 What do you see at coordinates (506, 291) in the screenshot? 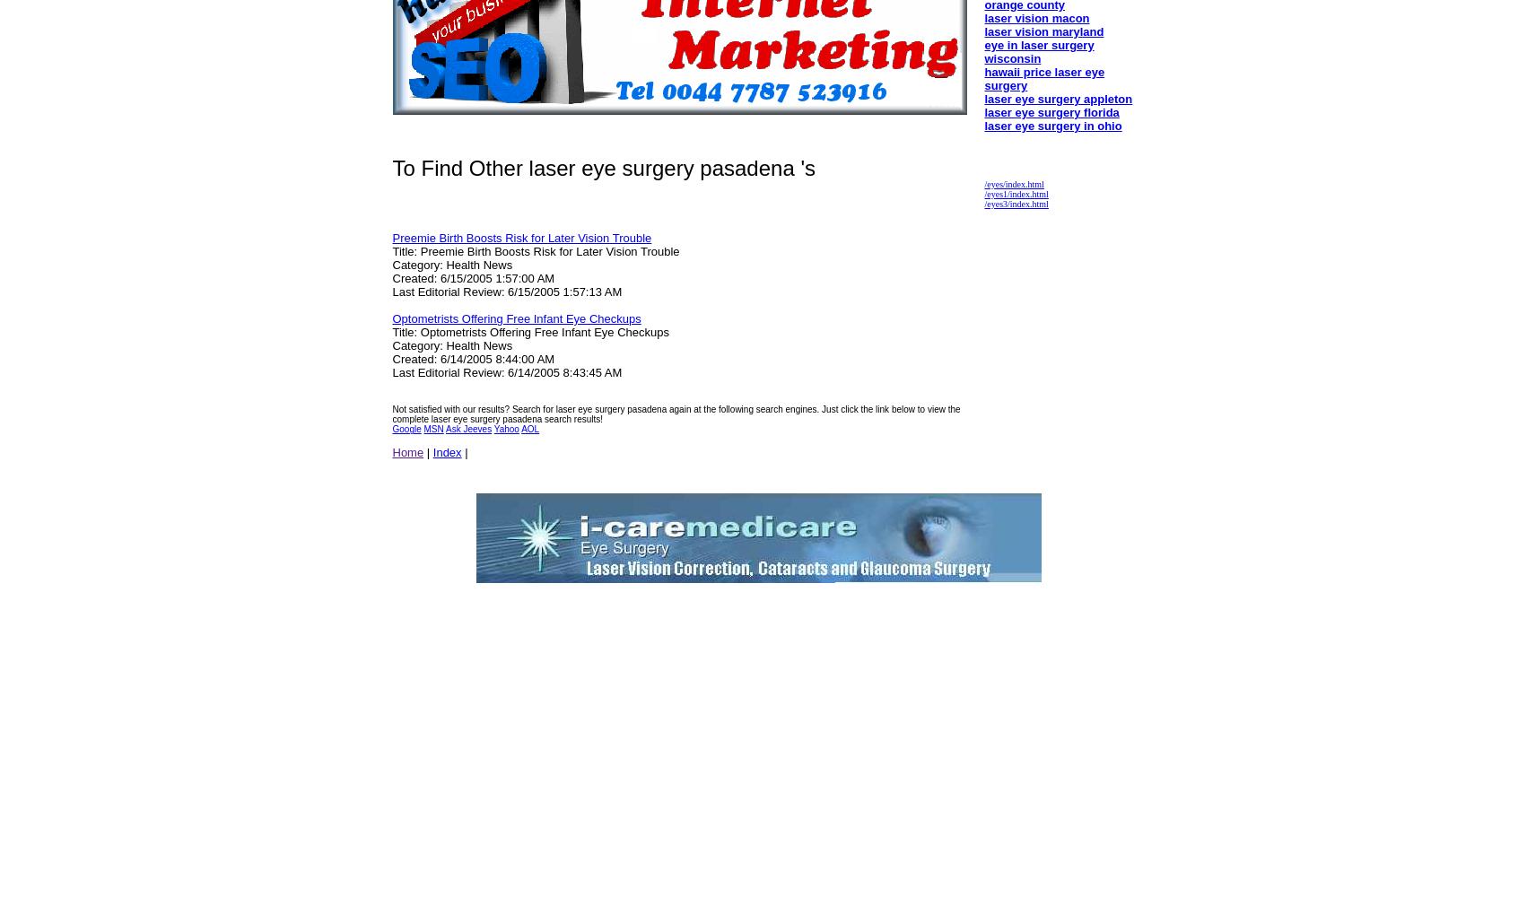
I see `'Last Editorial Review: 6/15/2005 1:57:13 AM'` at bounding box center [506, 291].